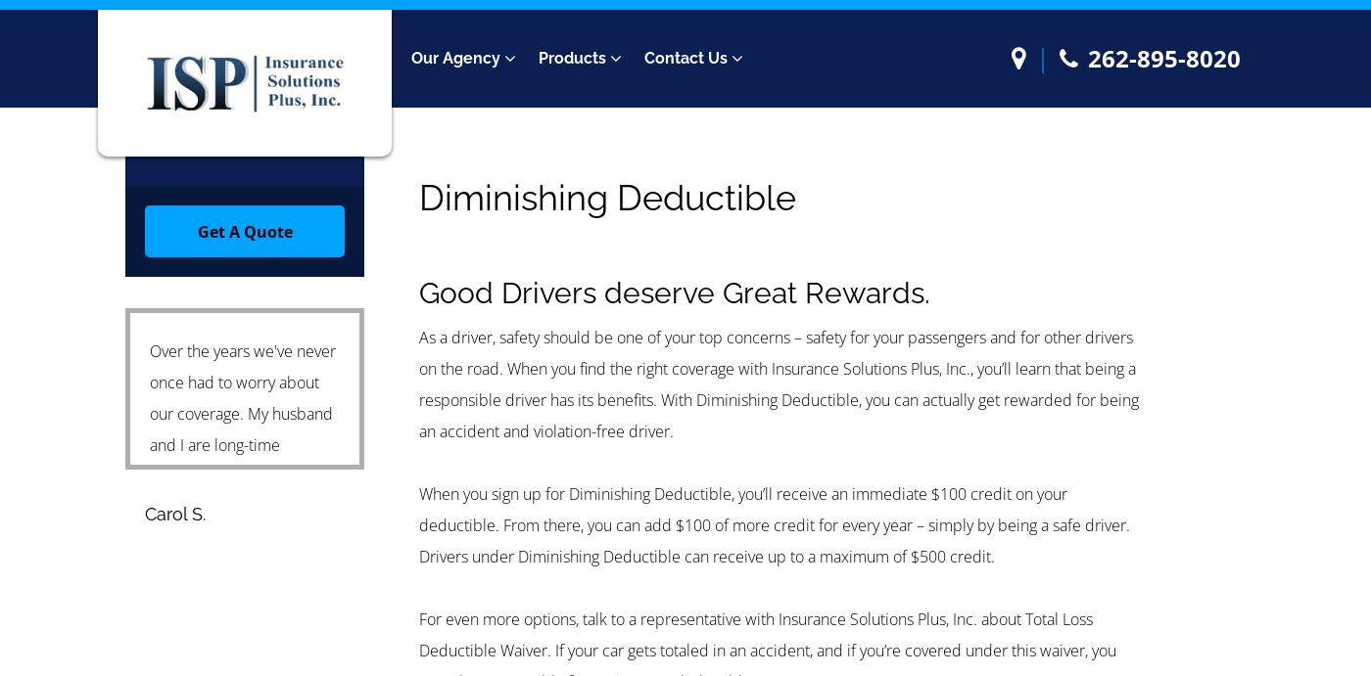 The image size is (1371, 676). What do you see at coordinates (175, 513) in the screenshot?
I see `'Carol S.'` at bounding box center [175, 513].